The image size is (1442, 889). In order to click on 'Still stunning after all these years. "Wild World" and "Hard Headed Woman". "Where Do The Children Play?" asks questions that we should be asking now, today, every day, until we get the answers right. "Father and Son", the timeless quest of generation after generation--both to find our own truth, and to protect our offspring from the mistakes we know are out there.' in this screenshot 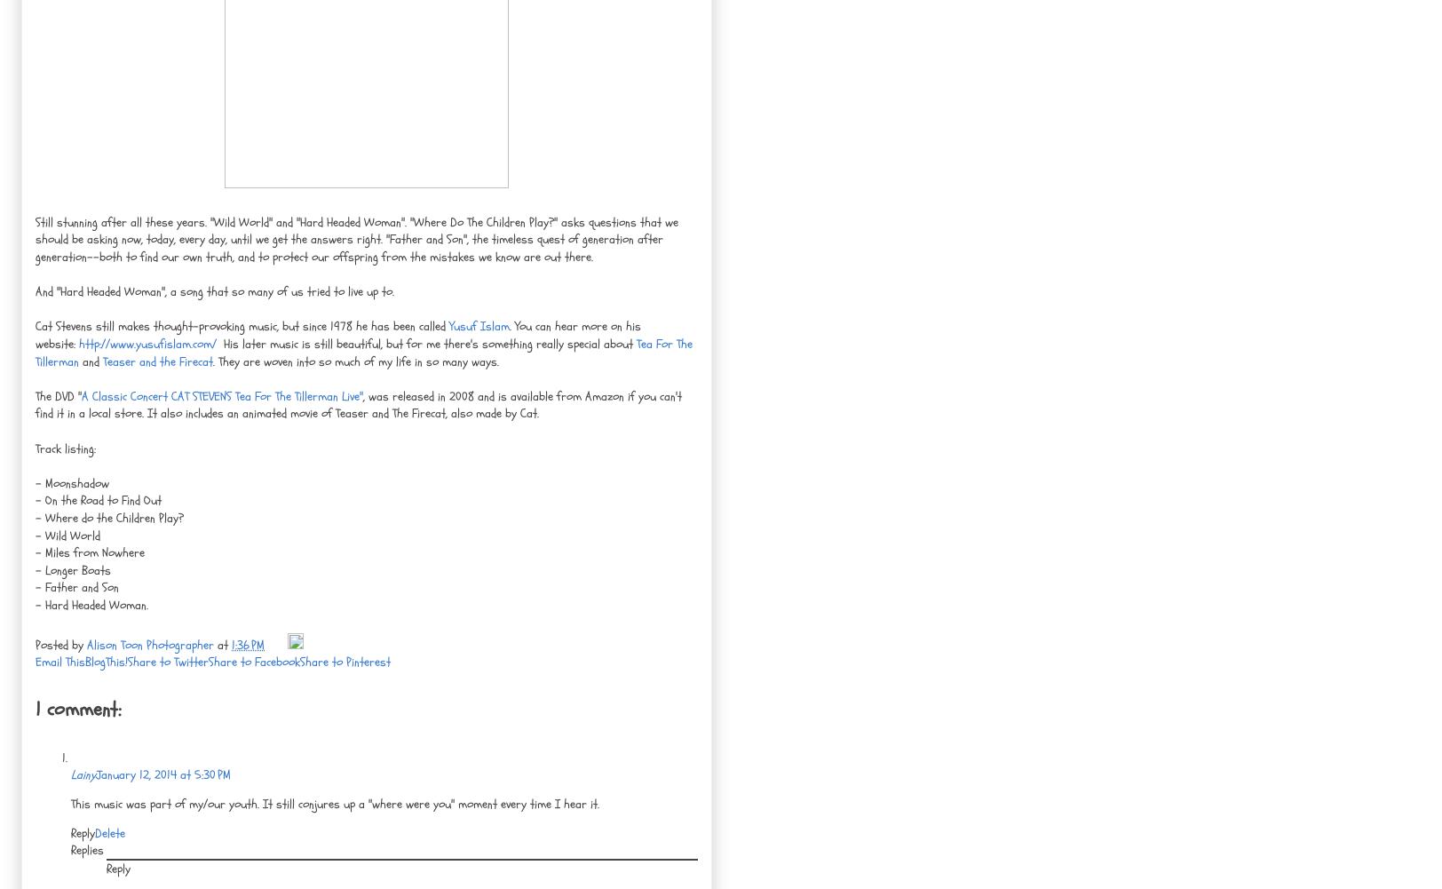, I will do `click(356, 238)`.